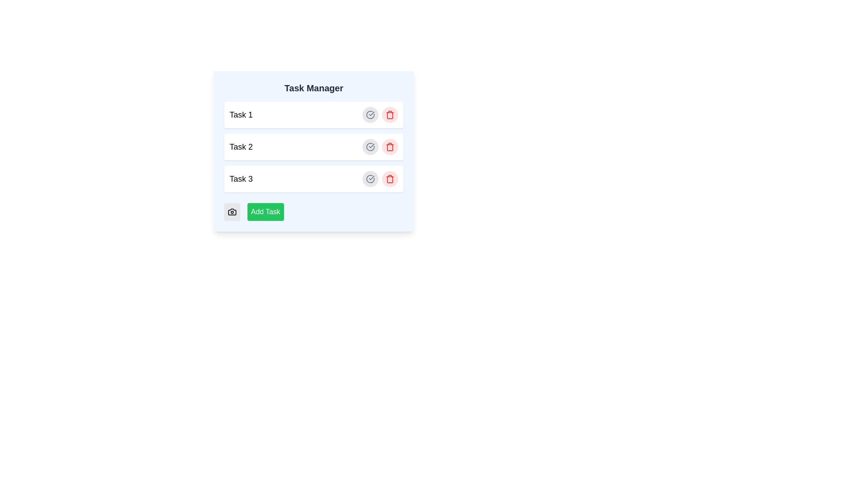 This screenshot has width=856, height=481. Describe the element at coordinates (370, 114) in the screenshot. I see `the 'Mark as Complete' button located at the top-right corner of the row for 'Task 1'` at that location.